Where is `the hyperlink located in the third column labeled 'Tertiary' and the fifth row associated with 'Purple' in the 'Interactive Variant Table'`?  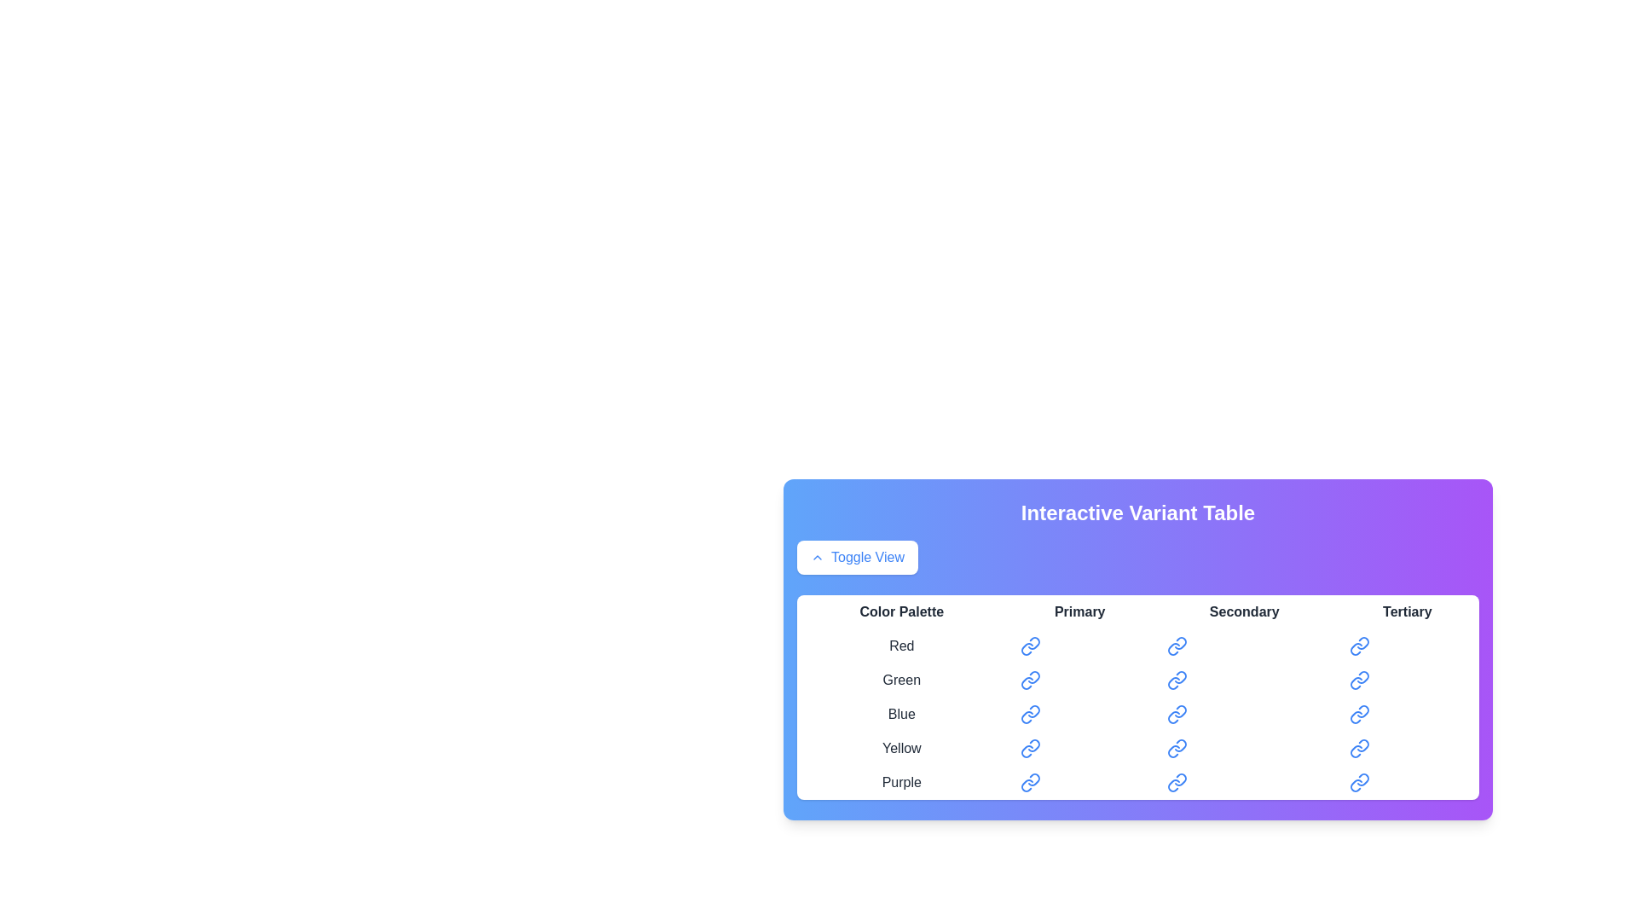 the hyperlink located in the third column labeled 'Tertiary' and the fifth row associated with 'Purple' in the 'Interactive Variant Table' is located at coordinates (1358, 783).